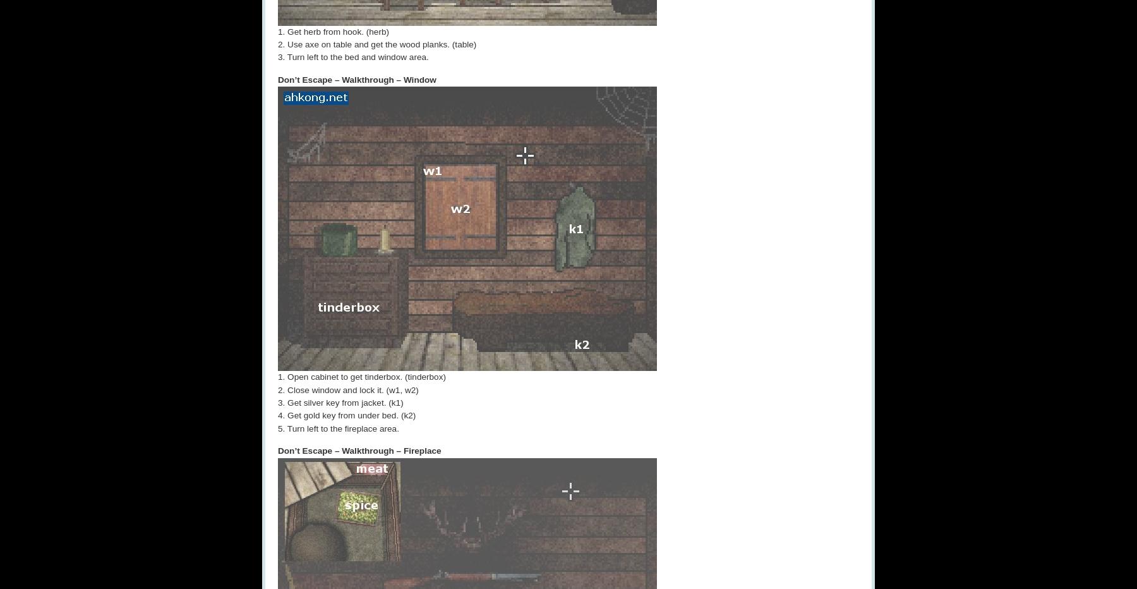 This screenshot has width=1137, height=589. What do you see at coordinates (377, 44) in the screenshot?
I see `'2. Use axe on table and get the wood planks. (table)'` at bounding box center [377, 44].